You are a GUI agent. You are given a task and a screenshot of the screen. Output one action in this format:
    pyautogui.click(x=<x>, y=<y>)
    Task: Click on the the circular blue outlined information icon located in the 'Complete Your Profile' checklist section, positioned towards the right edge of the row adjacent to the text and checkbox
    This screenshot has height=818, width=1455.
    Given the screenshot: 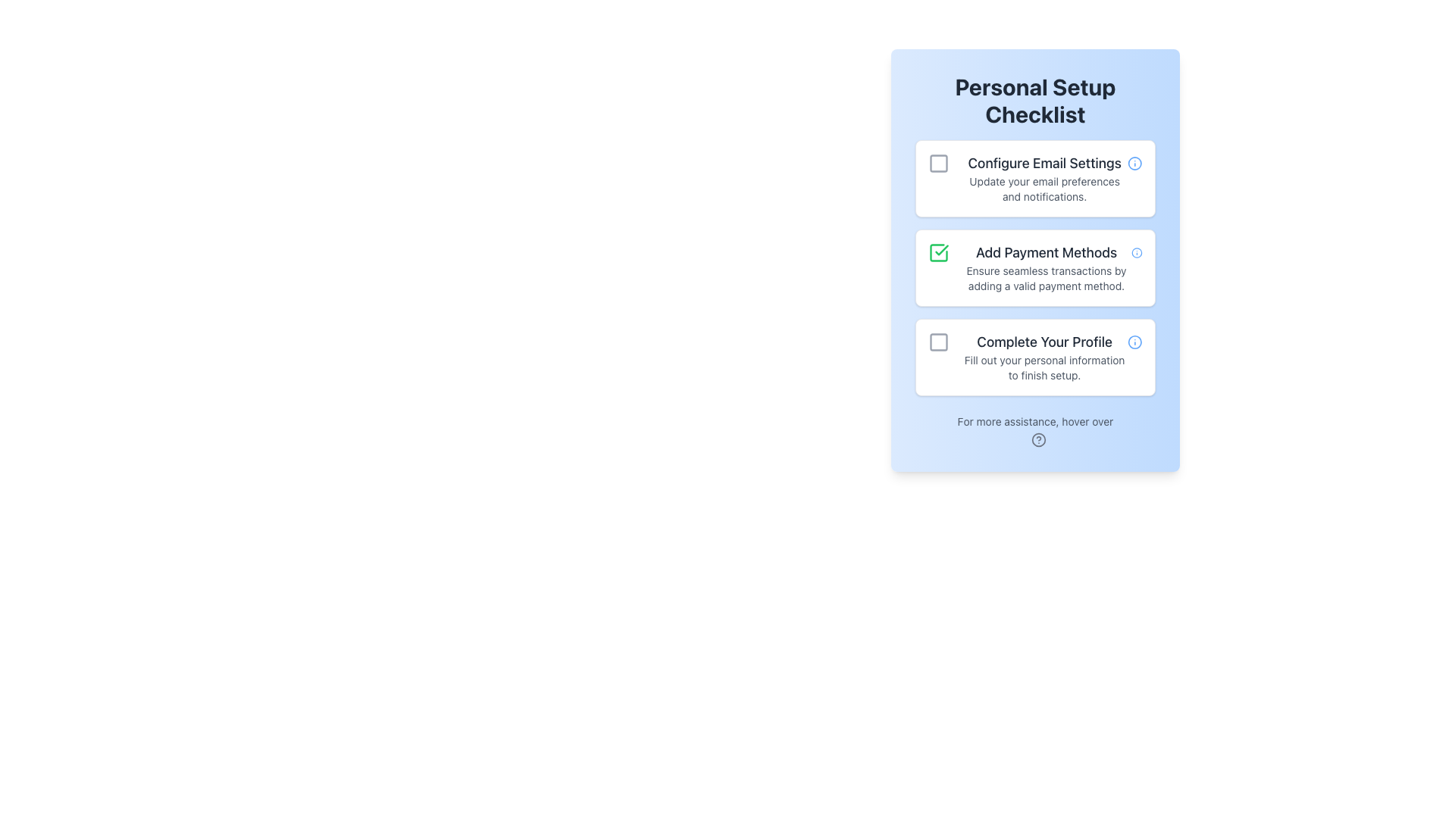 What is the action you would take?
    pyautogui.click(x=1135, y=342)
    